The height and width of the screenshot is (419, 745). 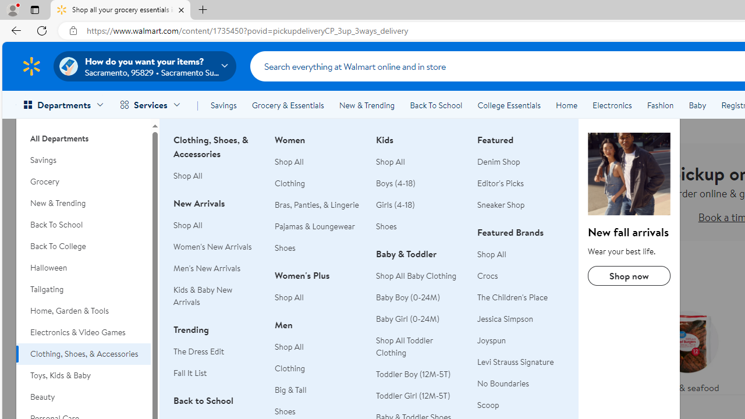 What do you see at coordinates (419, 395) in the screenshot?
I see `'Toddler Girl (12M-5T)'` at bounding box center [419, 395].